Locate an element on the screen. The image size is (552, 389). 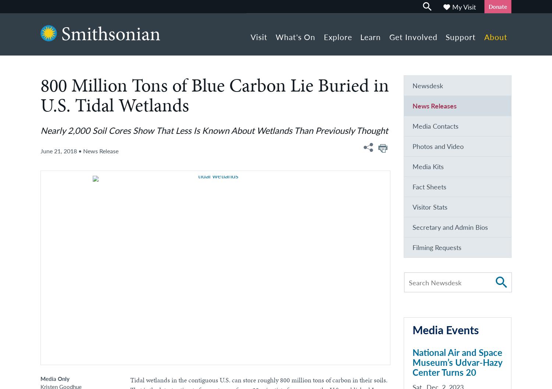
'Donate' is located at coordinates (497, 6).